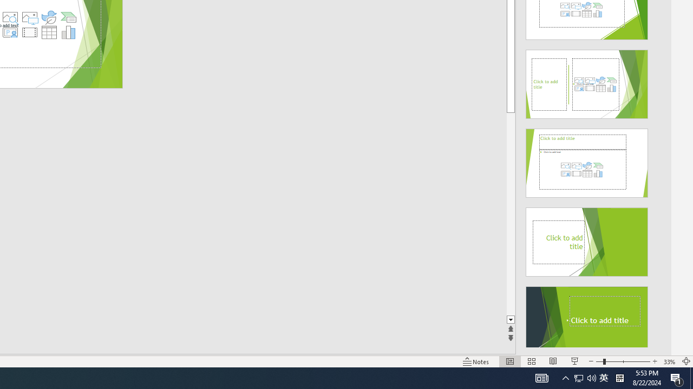 The image size is (693, 389). Describe the element at coordinates (68, 32) in the screenshot. I see `'Insert Chart'` at that location.